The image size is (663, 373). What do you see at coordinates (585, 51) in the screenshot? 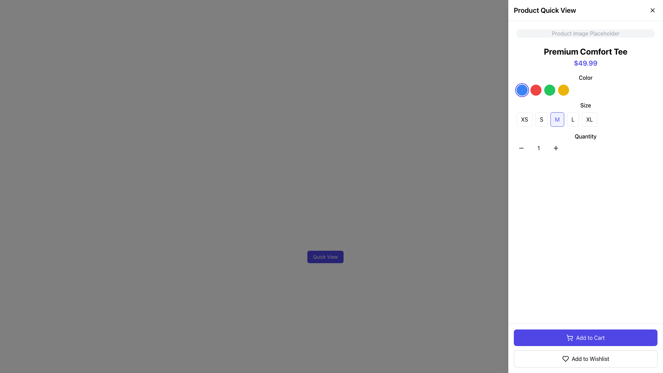
I see `bold and enlarged text label 'Premium Comfort Tee' located at the center of the product detail card interface, positioned above the product price text` at bounding box center [585, 51].